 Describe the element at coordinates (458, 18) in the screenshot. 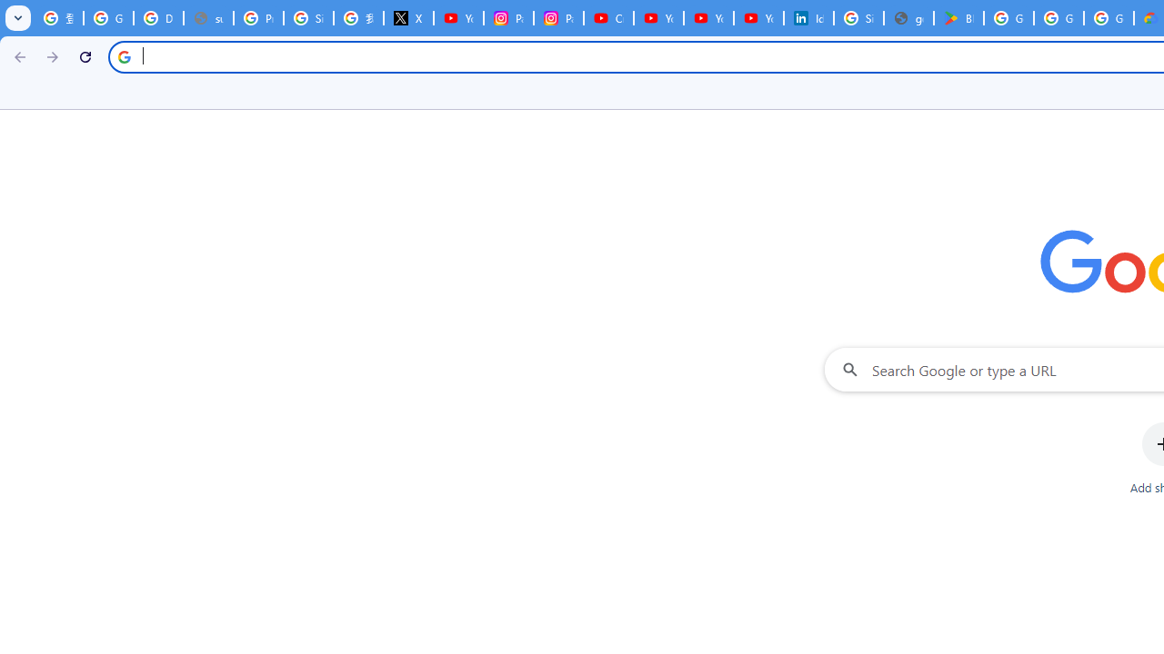

I see `'YouTube Content Monetization Policies - How YouTube Works'` at that location.